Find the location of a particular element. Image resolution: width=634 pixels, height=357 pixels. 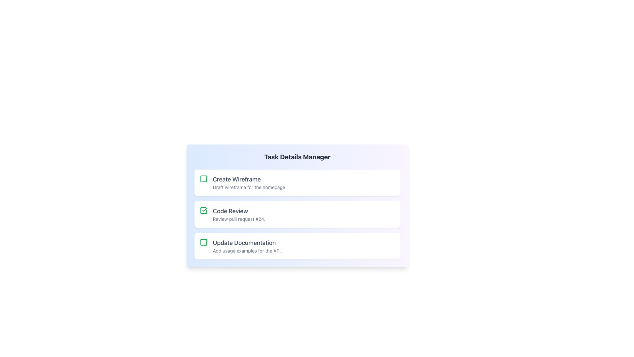

the text block that displays the task related to the creation of a wireframe, located to the right of a green checkbox within a white background card is located at coordinates (249, 182).